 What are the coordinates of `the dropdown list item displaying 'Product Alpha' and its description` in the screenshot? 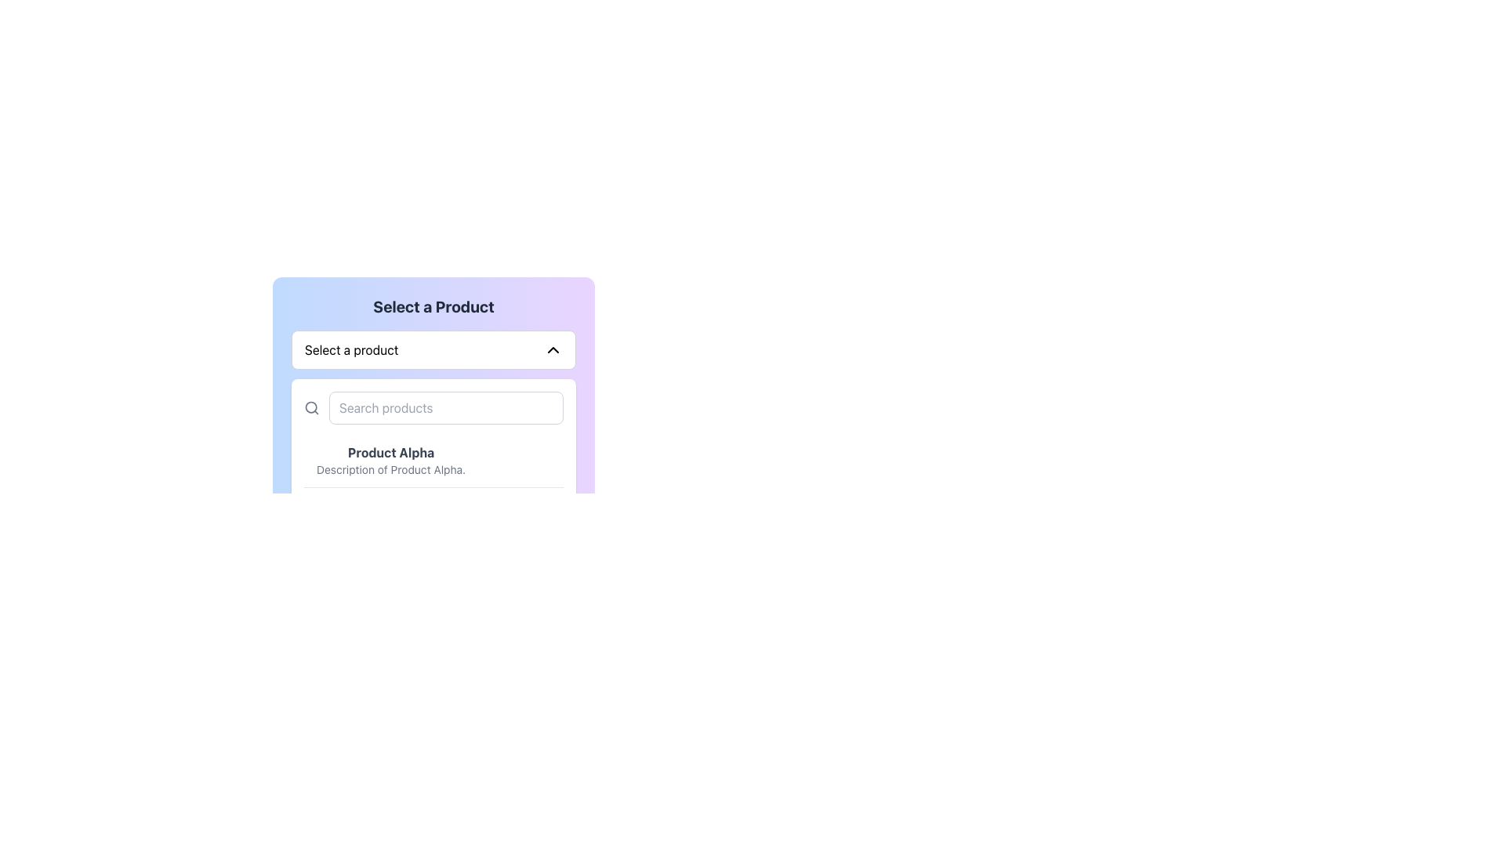 It's located at (391, 459).